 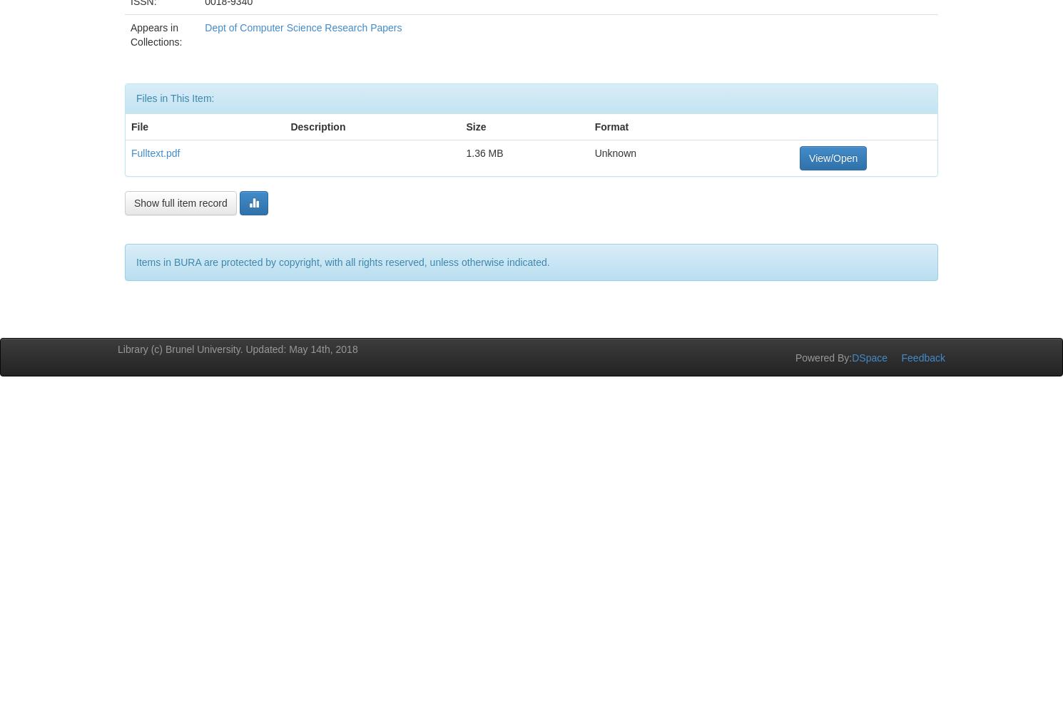 I want to click on 'DSpace', so click(x=869, y=357).